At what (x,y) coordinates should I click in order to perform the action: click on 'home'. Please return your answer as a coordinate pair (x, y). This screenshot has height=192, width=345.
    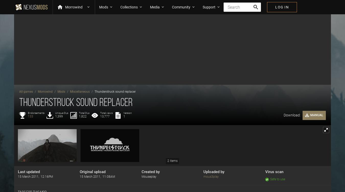
    Looking at the image, I should click on (57, 7).